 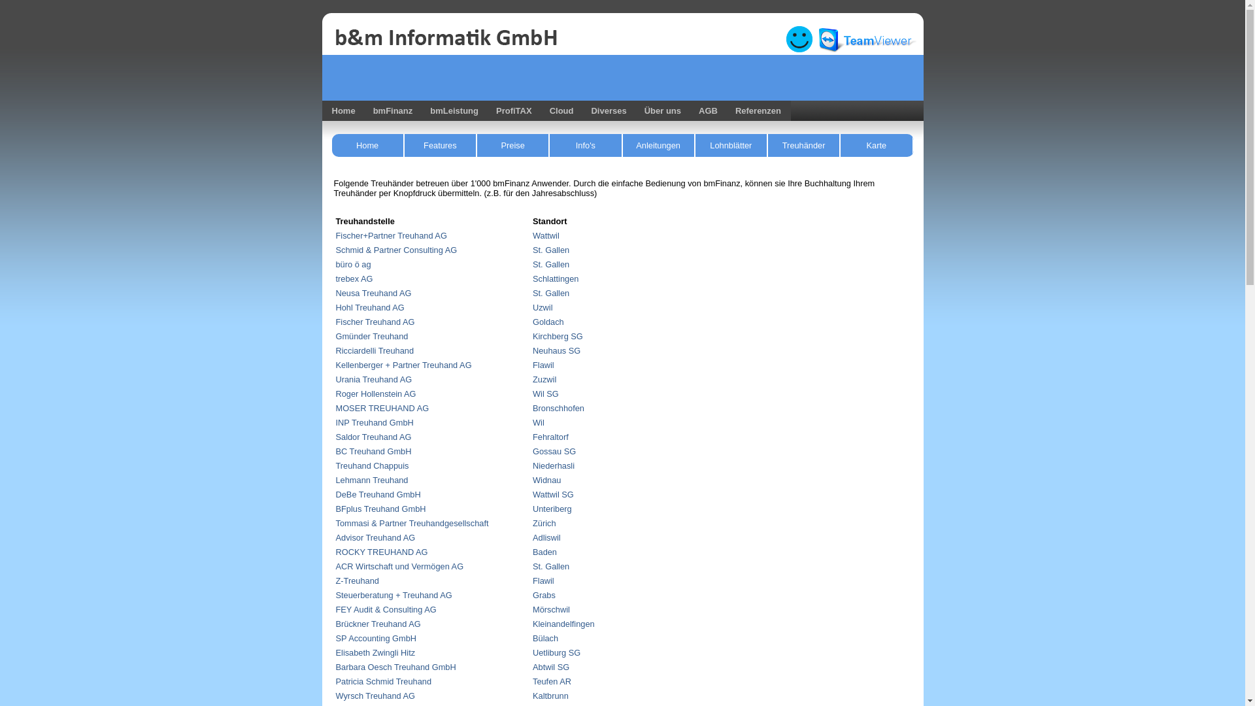 What do you see at coordinates (375, 322) in the screenshot?
I see `'Fischer Treuhand AG'` at bounding box center [375, 322].